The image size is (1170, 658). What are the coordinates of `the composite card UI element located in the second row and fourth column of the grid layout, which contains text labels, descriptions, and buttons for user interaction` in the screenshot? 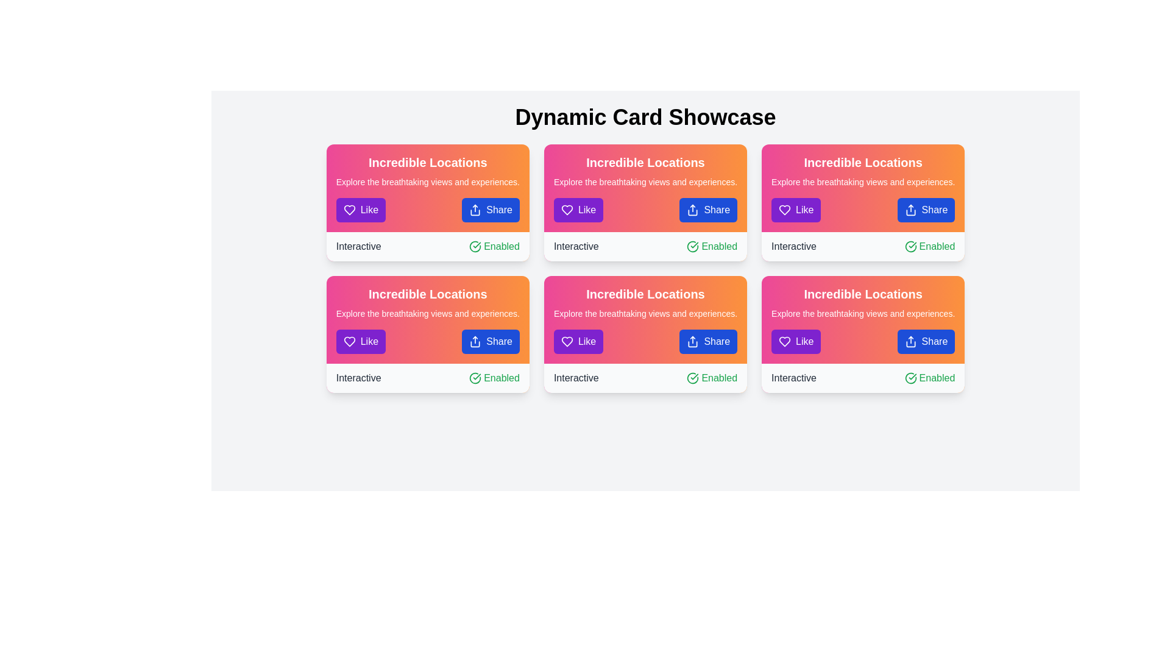 It's located at (862, 319).